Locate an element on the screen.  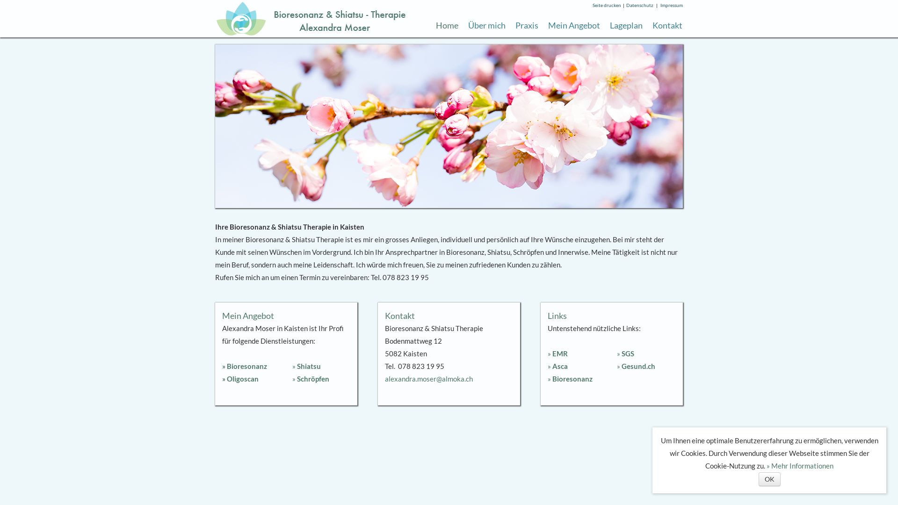
'Home' is located at coordinates (435, 25).